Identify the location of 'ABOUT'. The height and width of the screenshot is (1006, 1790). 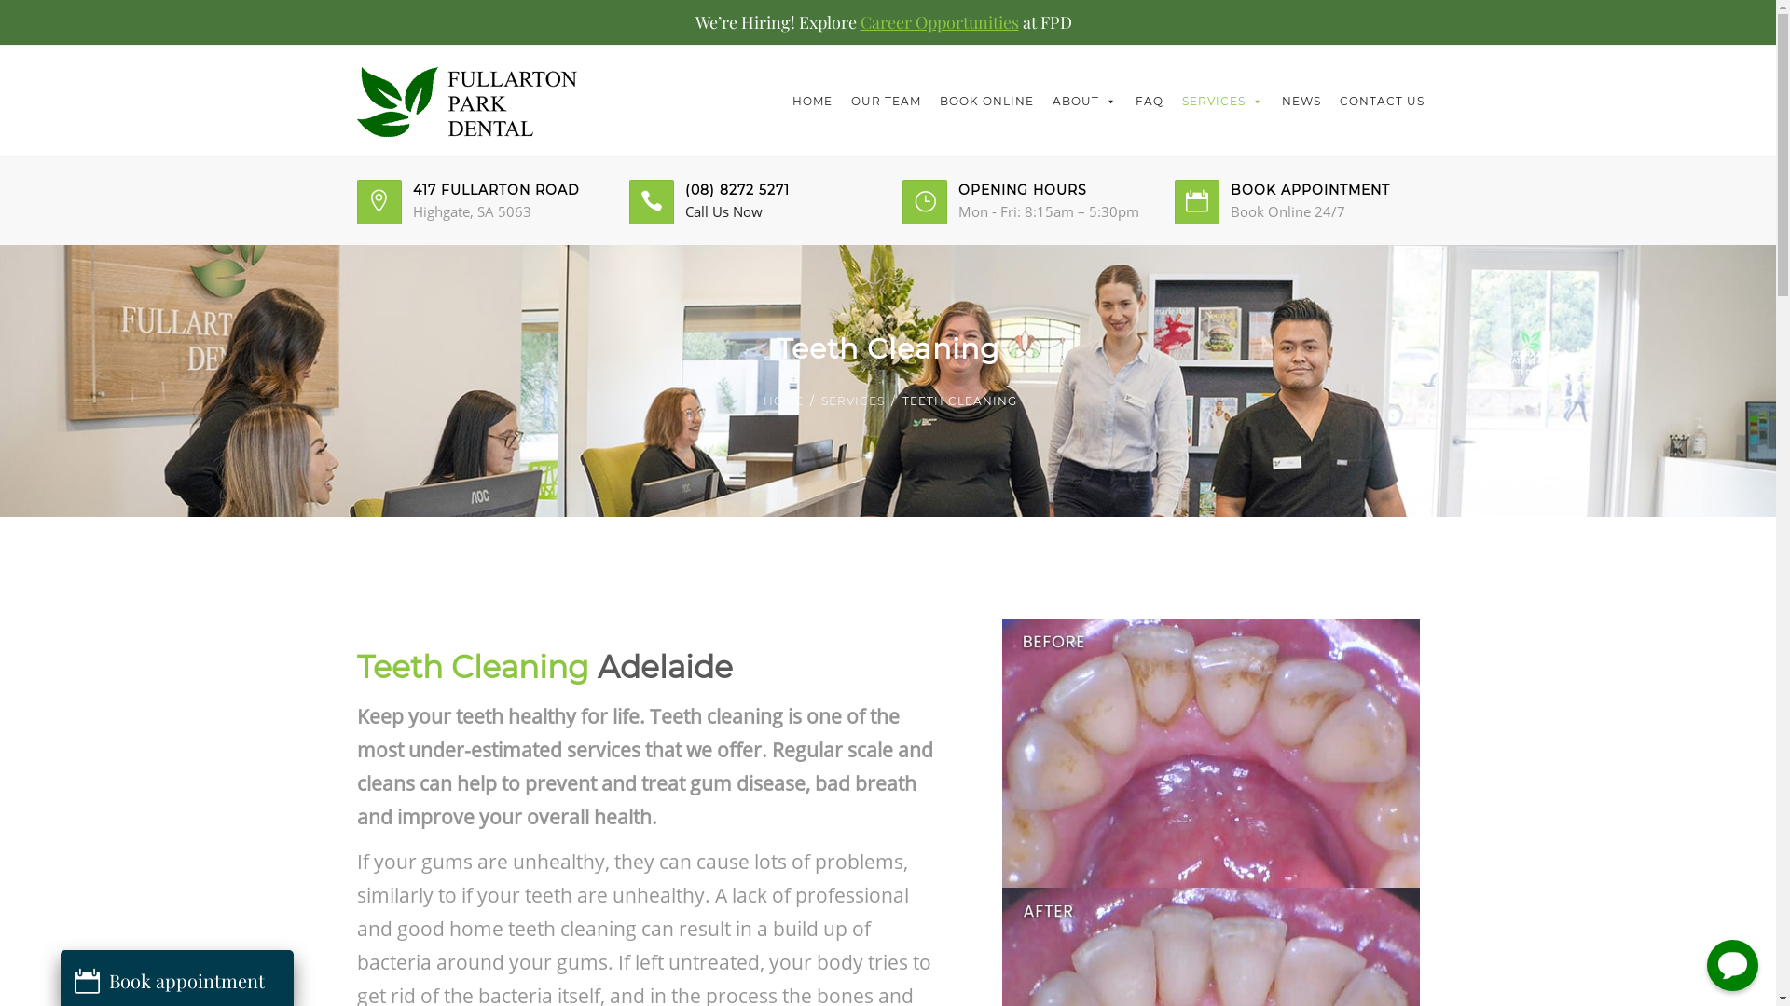
(1083, 101).